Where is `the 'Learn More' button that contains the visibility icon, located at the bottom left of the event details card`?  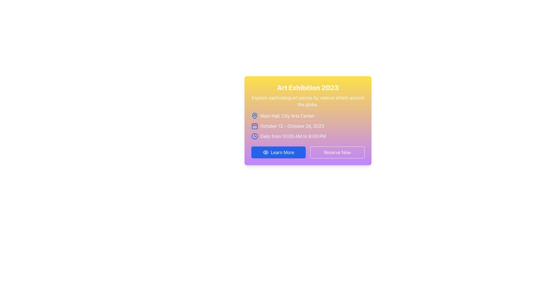 the 'Learn More' button that contains the visibility icon, located at the bottom left of the event details card is located at coordinates (265, 152).